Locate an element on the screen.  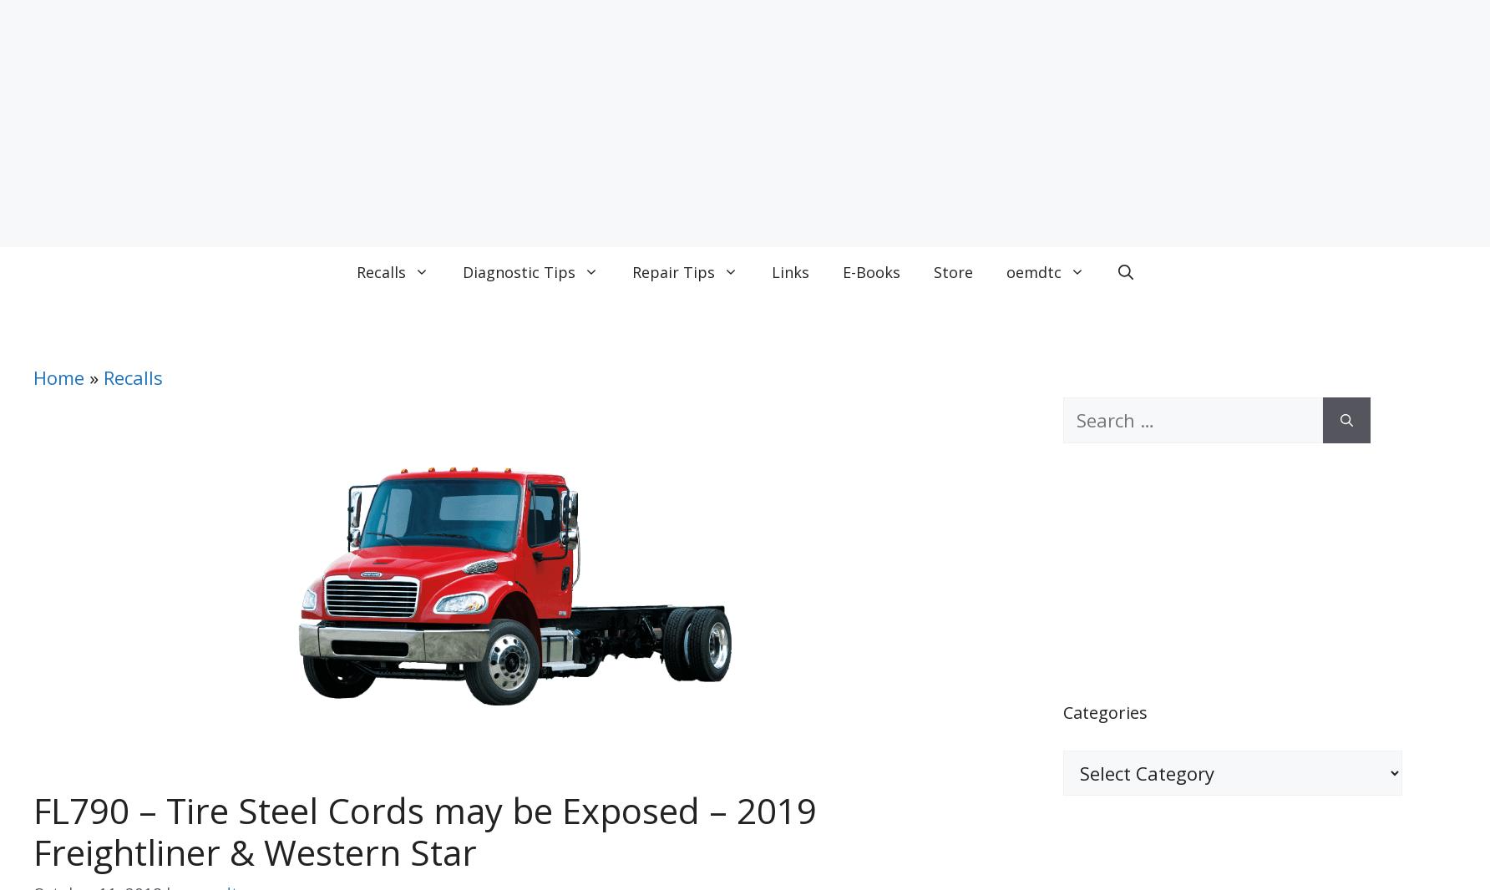
'oemdtc' is located at coordinates (1032, 271).